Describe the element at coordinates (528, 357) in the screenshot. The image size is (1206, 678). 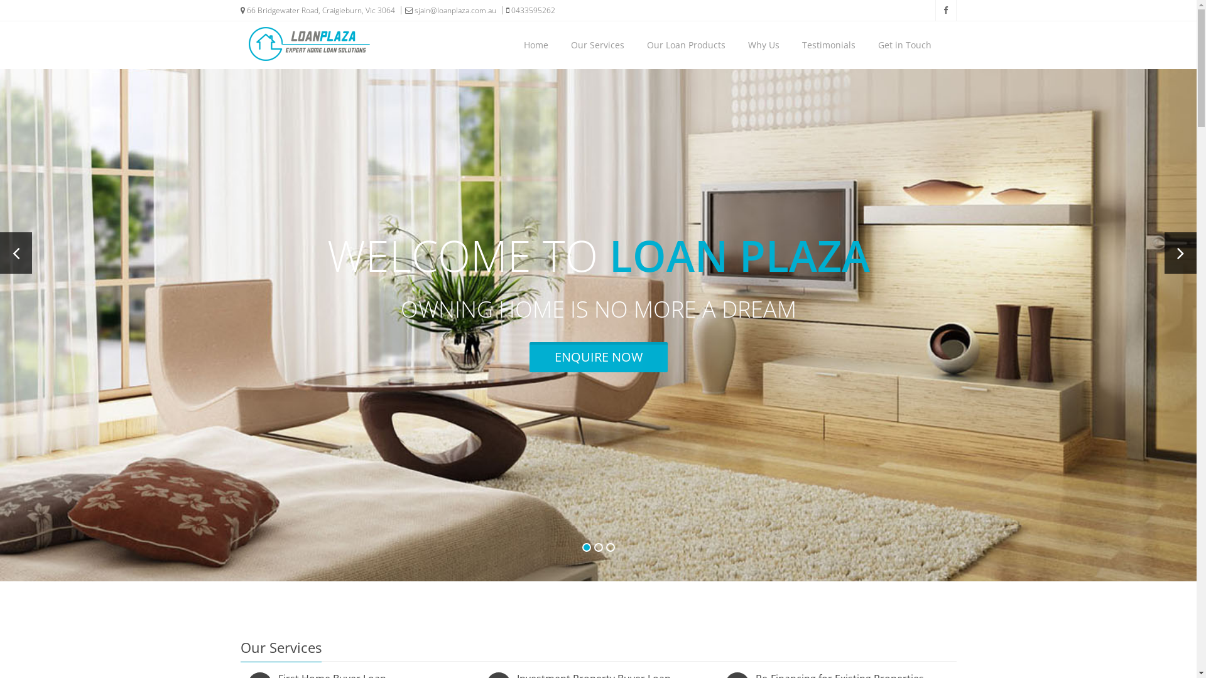
I see `'ENQUIRE NOW'` at that location.